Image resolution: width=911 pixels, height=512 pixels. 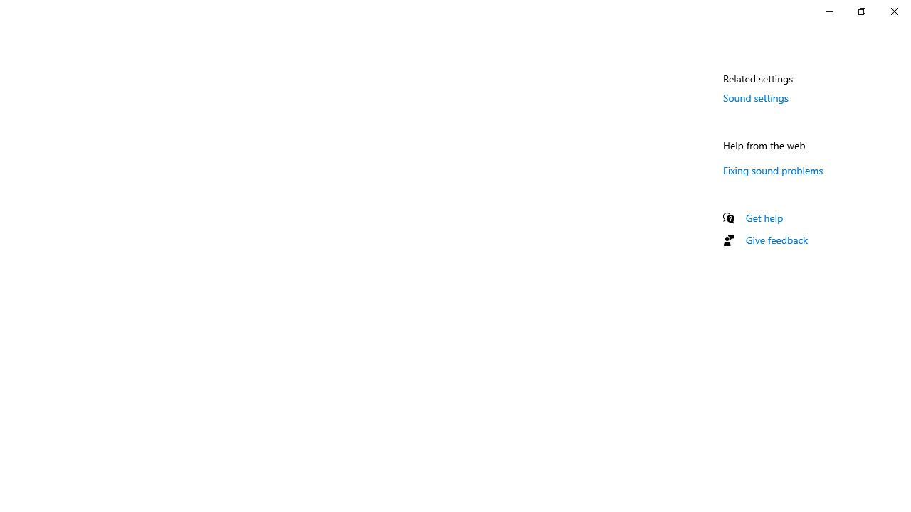 I want to click on 'Give feedback', so click(x=776, y=239).